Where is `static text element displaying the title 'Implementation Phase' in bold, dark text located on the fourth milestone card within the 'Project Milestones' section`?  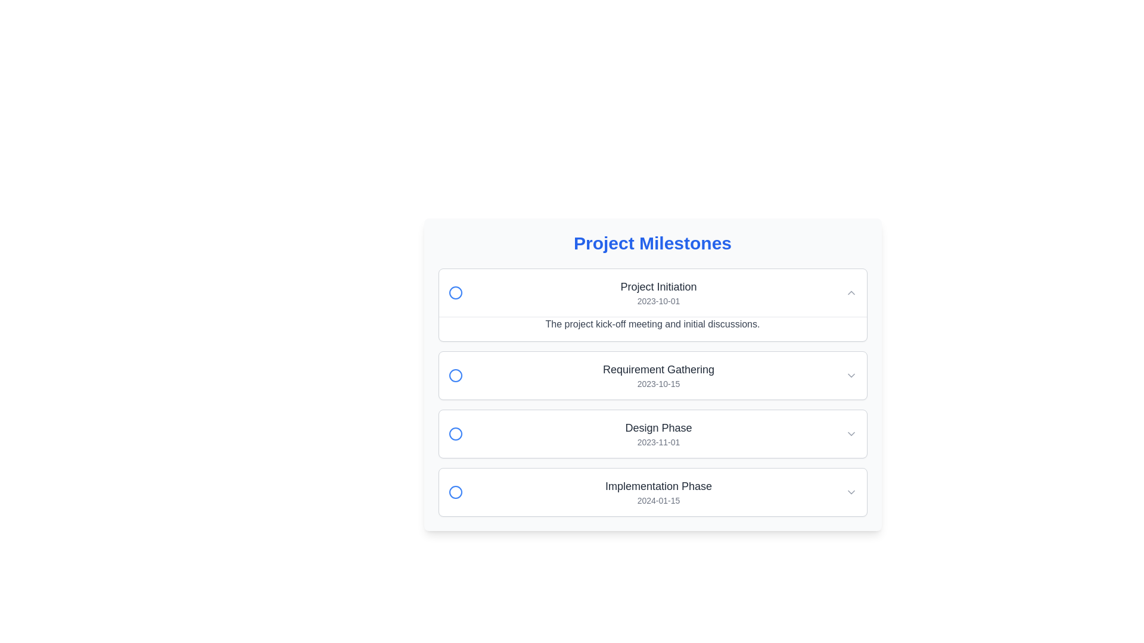 static text element displaying the title 'Implementation Phase' in bold, dark text located on the fourth milestone card within the 'Project Milestones' section is located at coordinates (658, 486).